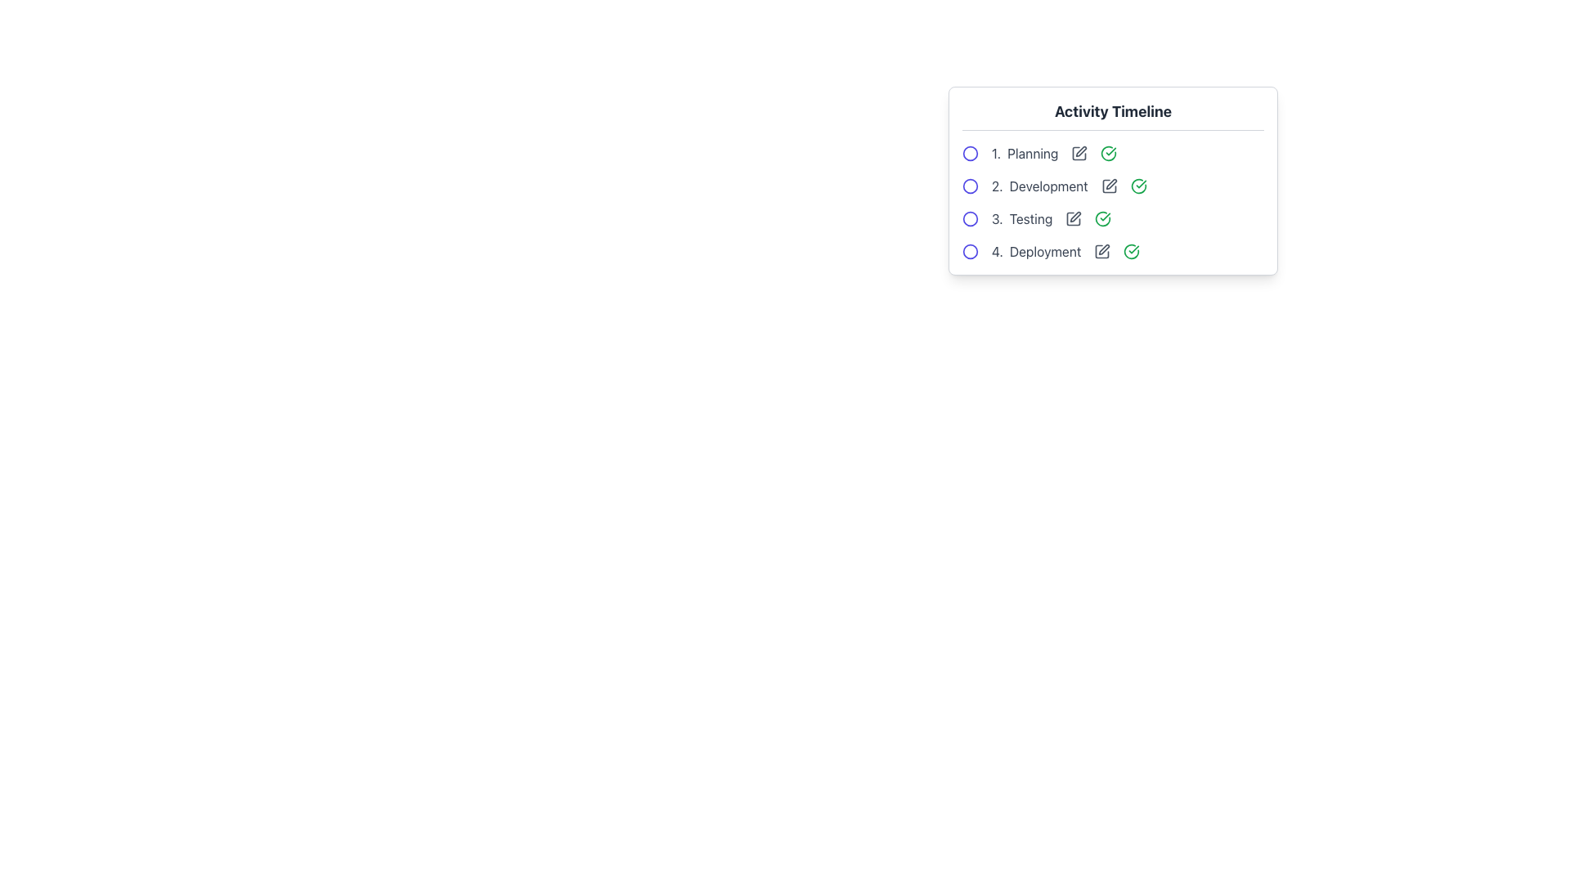 Image resolution: width=1570 pixels, height=883 pixels. Describe the element at coordinates (1038, 185) in the screenshot. I see `the text label representing the second stage titled 'Development' in the activity timeline, which is positioned below '1. Planning' and above '3. Testing'` at that location.